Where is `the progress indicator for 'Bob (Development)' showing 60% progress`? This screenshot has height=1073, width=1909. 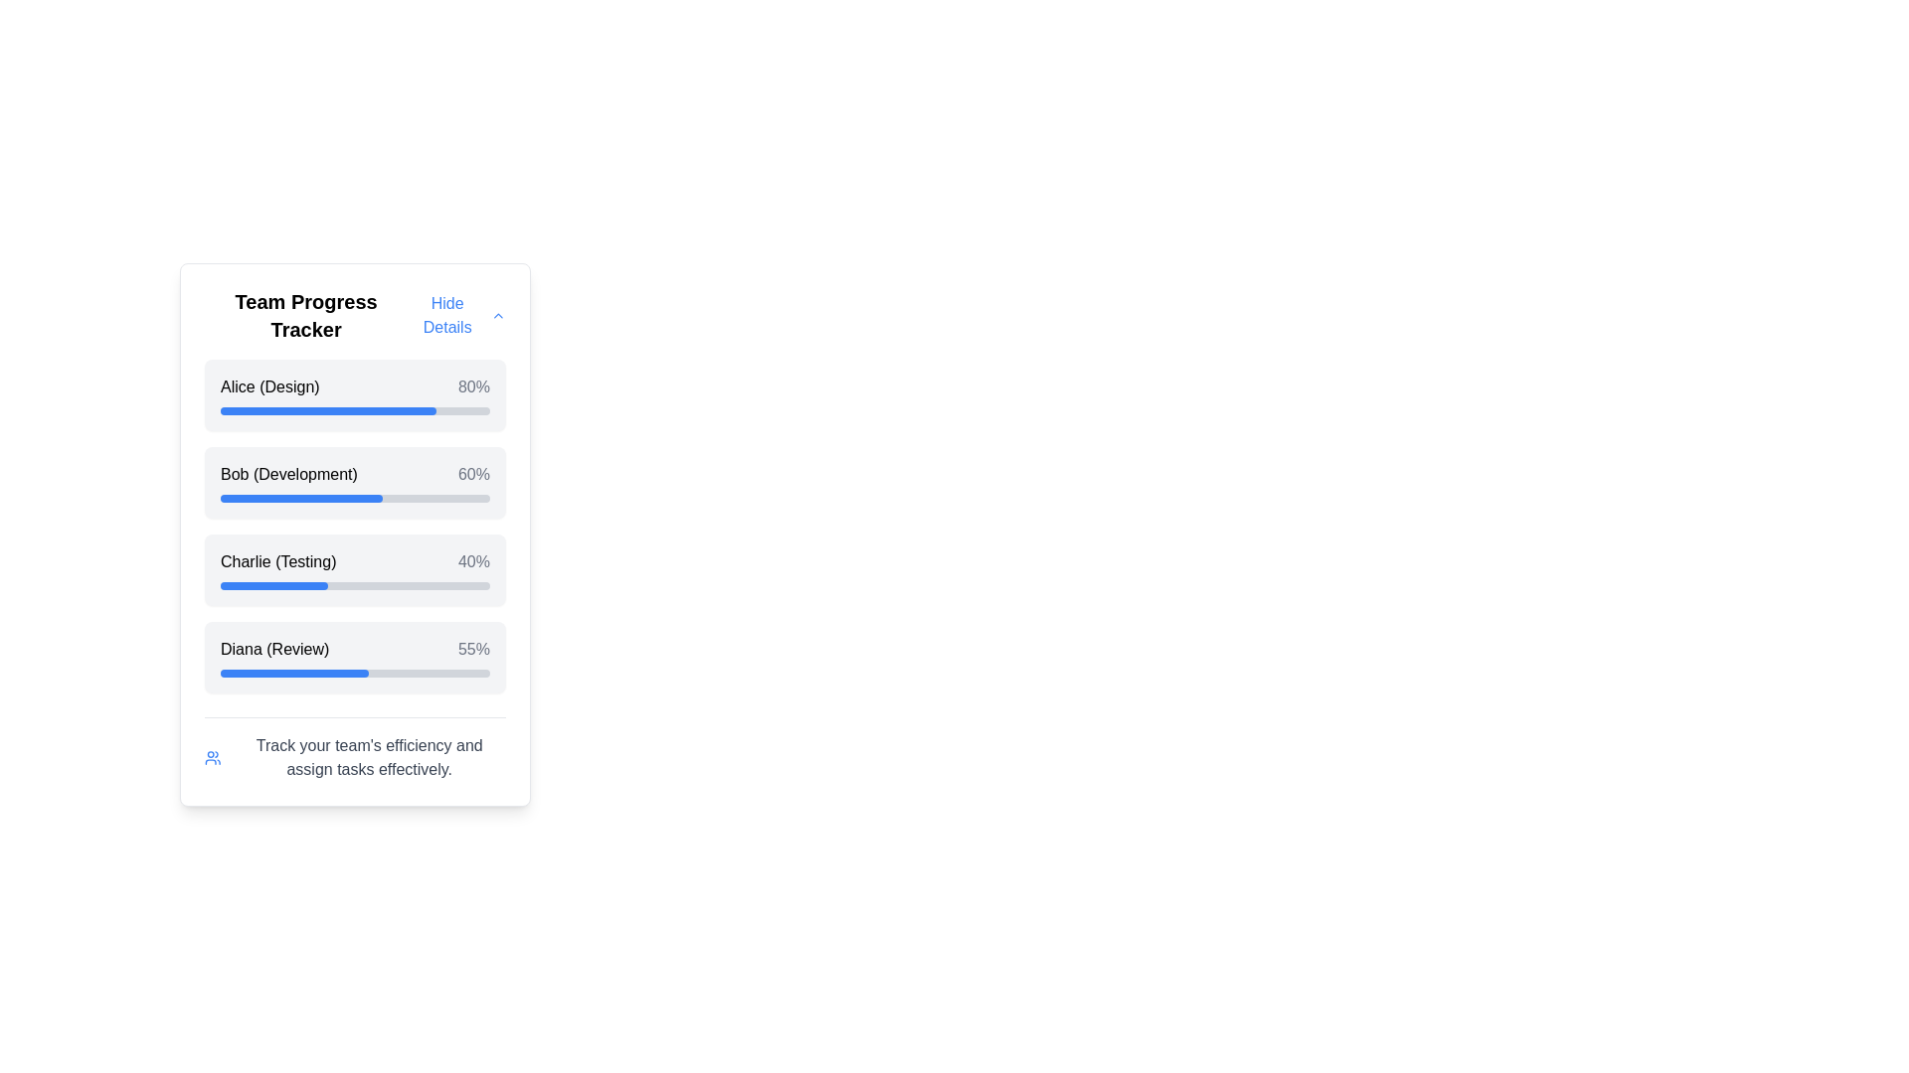 the progress indicator for 'Bob (Development)' showing 60% progress is located at coordinates (355, 483).